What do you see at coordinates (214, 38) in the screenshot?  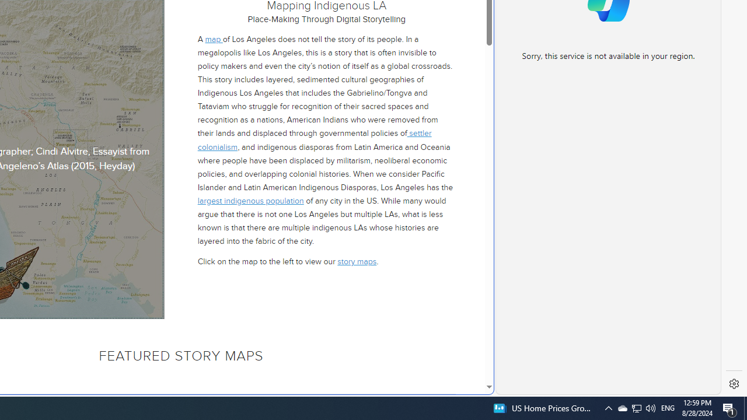 I see `'map '` at bounding box center [214, 38].